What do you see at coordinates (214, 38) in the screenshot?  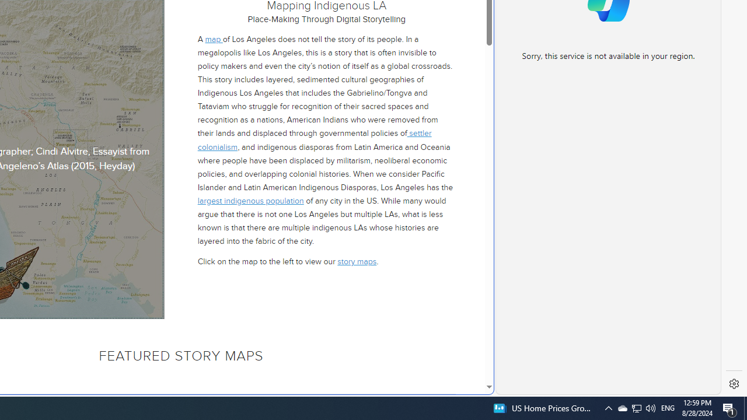 I see `'map '` at bounding box center [214, 38].